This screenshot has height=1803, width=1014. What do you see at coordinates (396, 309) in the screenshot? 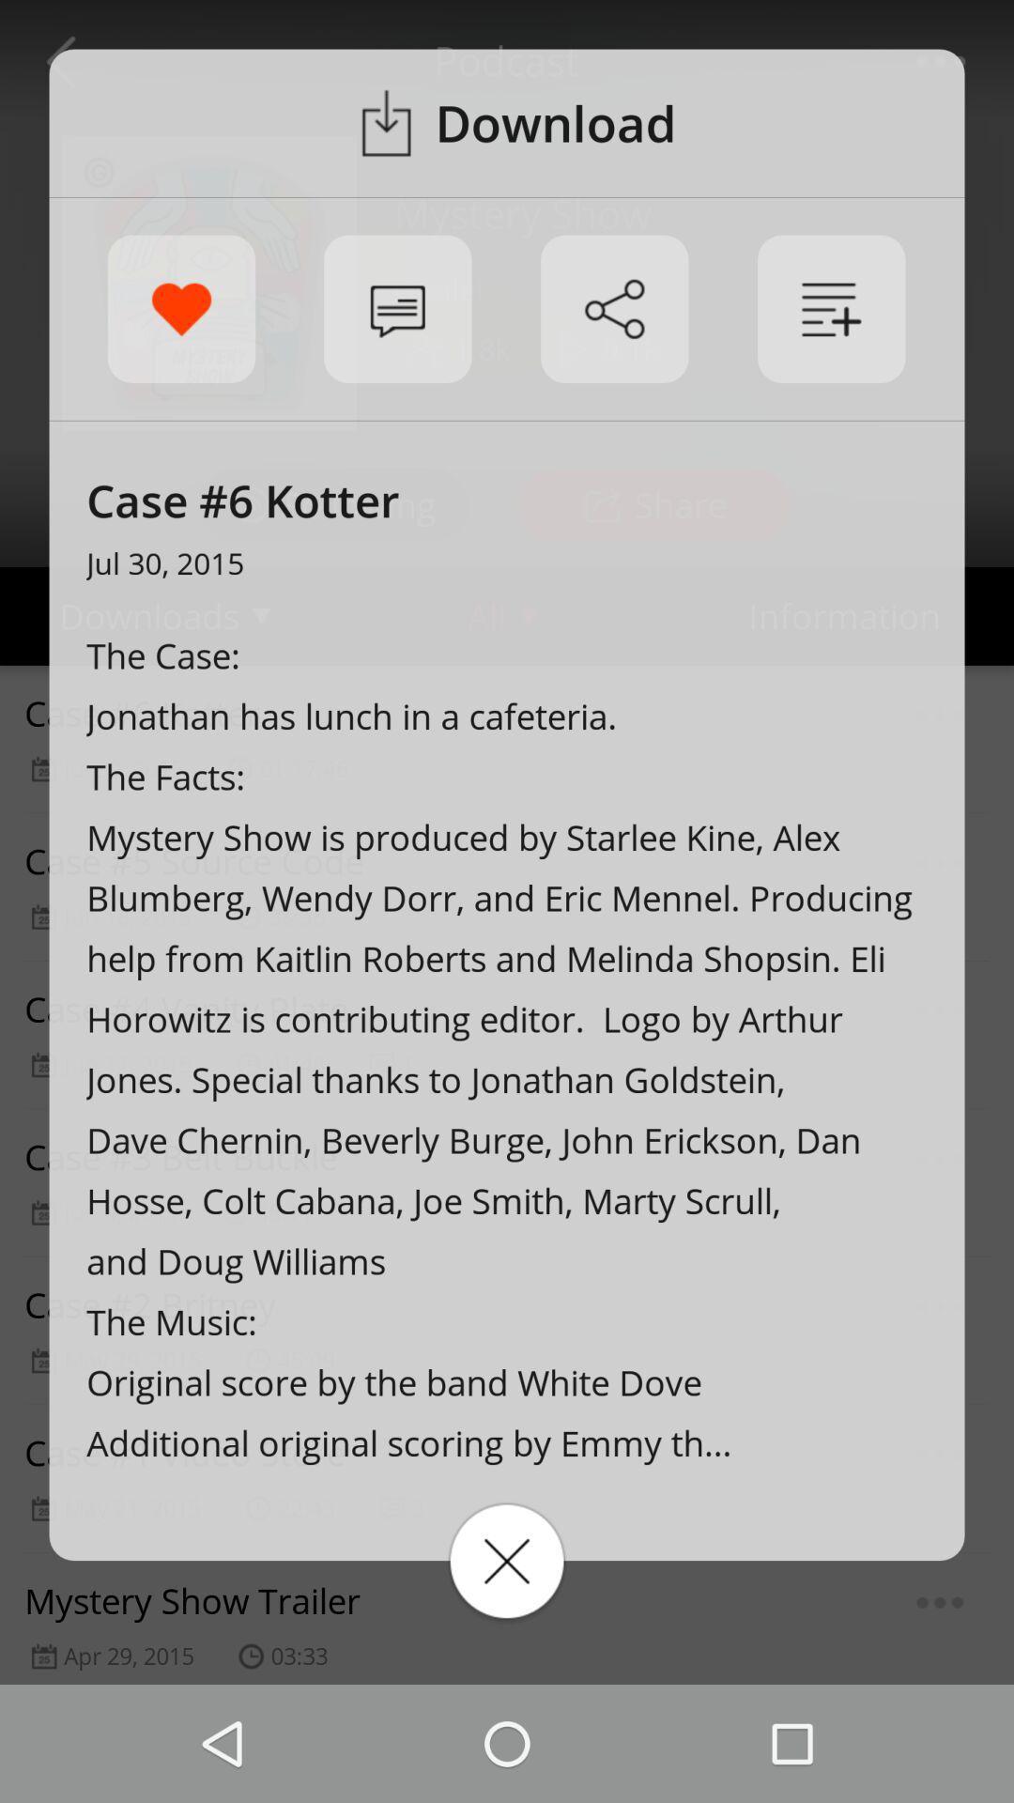
I see `comments` at bounding box center [396, 309].